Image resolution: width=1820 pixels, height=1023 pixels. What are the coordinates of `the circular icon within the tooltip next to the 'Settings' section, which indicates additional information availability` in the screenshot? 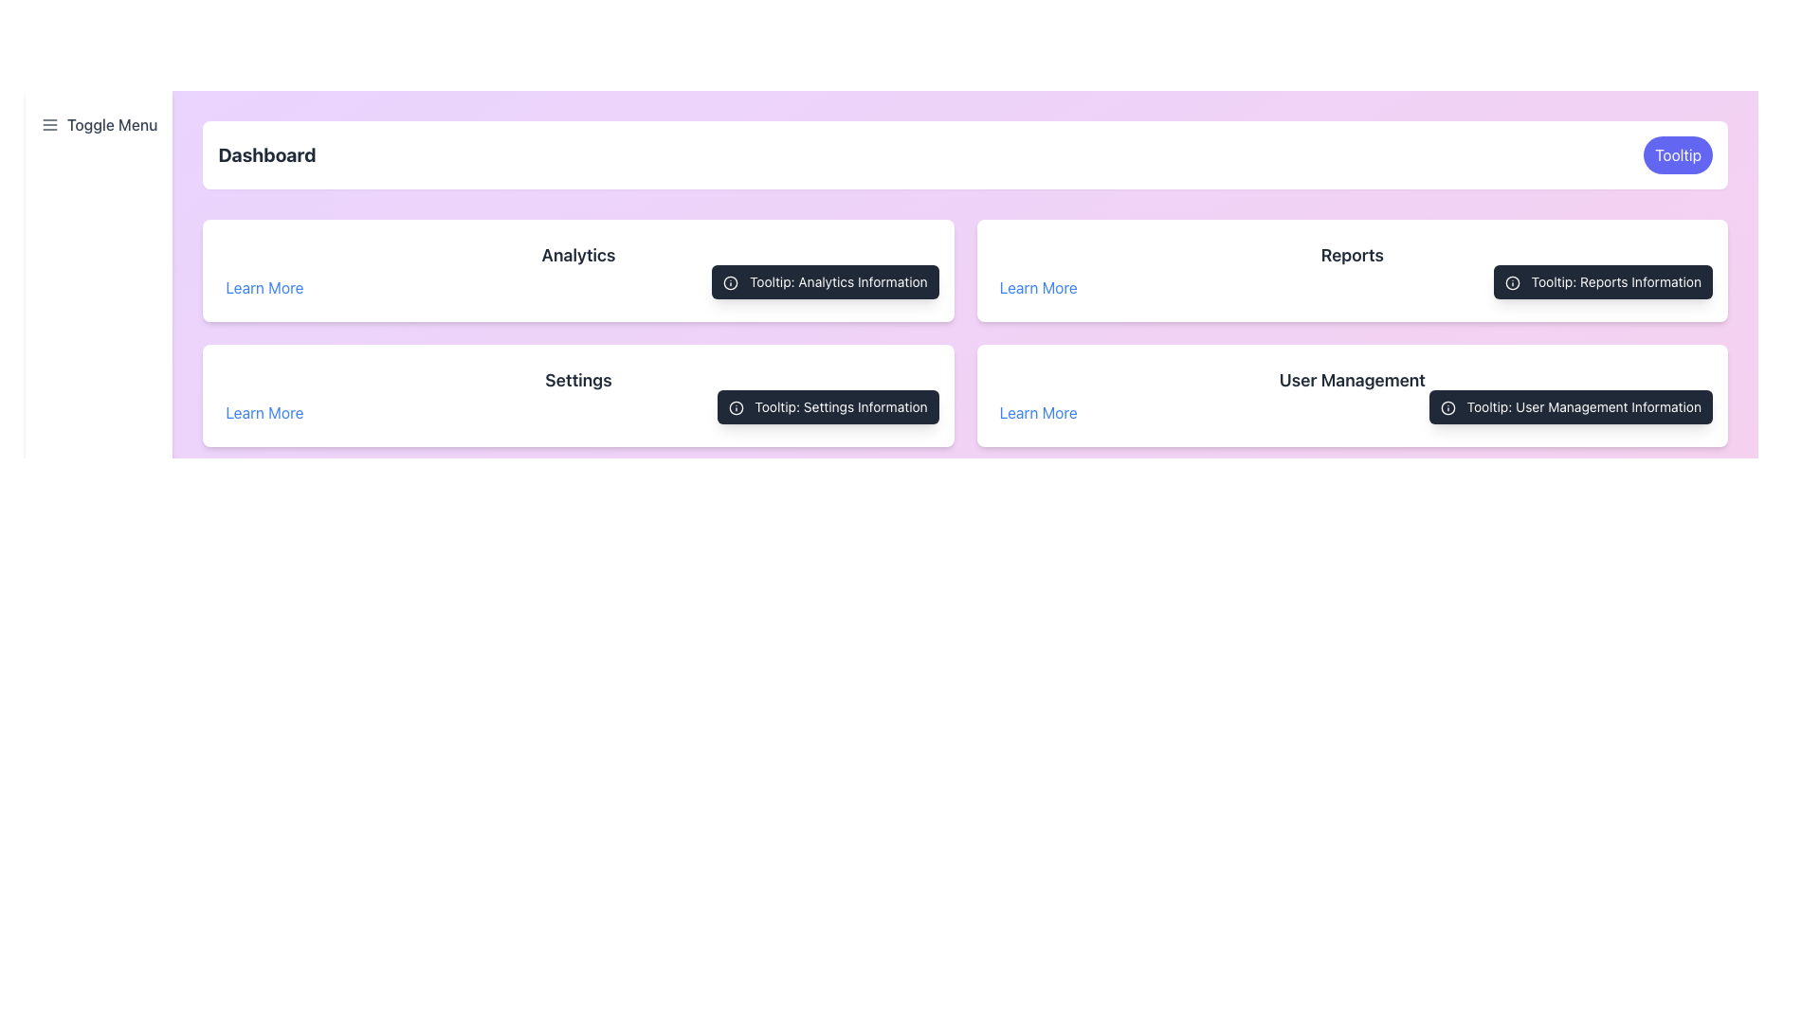 It's located at (735, 407).